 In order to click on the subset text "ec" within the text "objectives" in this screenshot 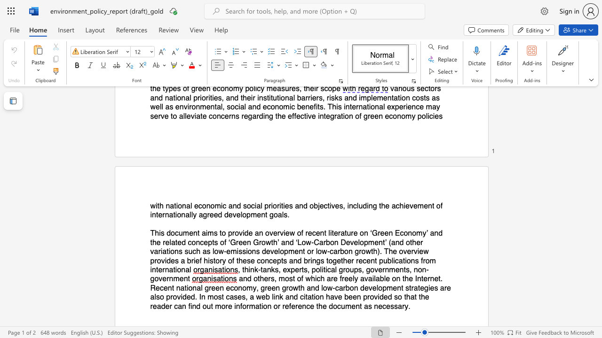, I will do `click(319, 205)`.